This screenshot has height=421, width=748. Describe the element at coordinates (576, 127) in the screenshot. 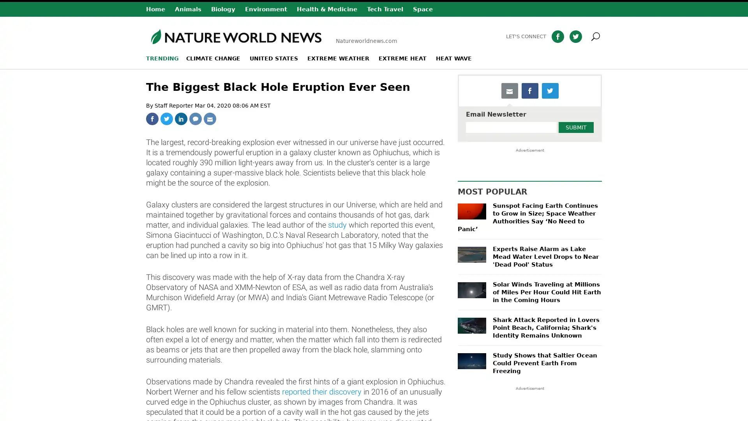

I see `Submit` at that location.